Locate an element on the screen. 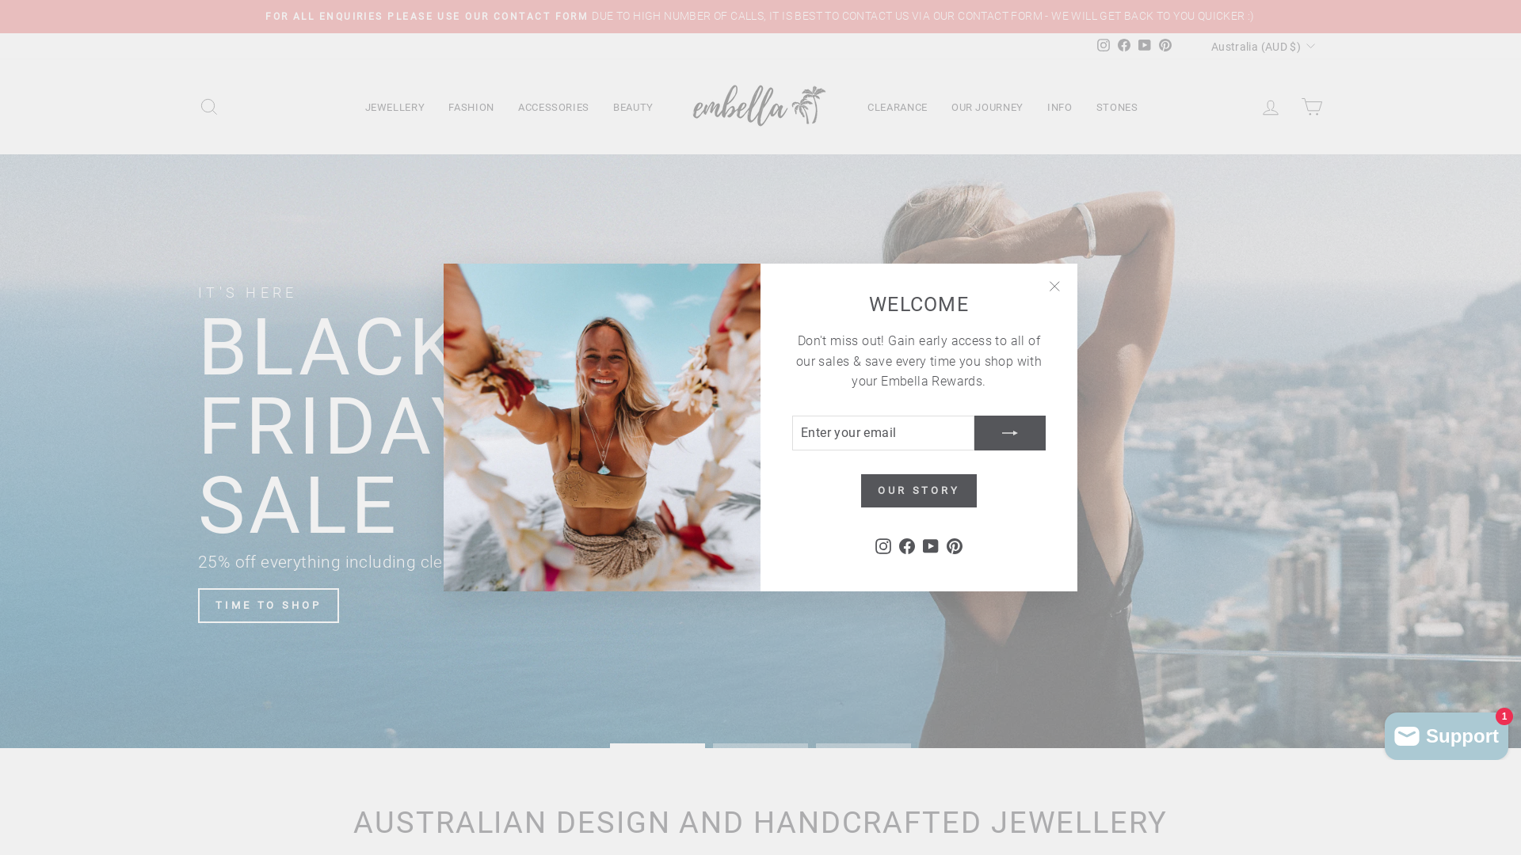  '"Close (esc)"' is located at coordinates (1054, 287).